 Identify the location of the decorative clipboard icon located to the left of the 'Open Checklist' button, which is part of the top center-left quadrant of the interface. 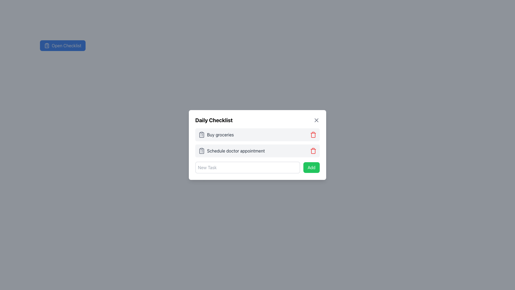
(47, 45).